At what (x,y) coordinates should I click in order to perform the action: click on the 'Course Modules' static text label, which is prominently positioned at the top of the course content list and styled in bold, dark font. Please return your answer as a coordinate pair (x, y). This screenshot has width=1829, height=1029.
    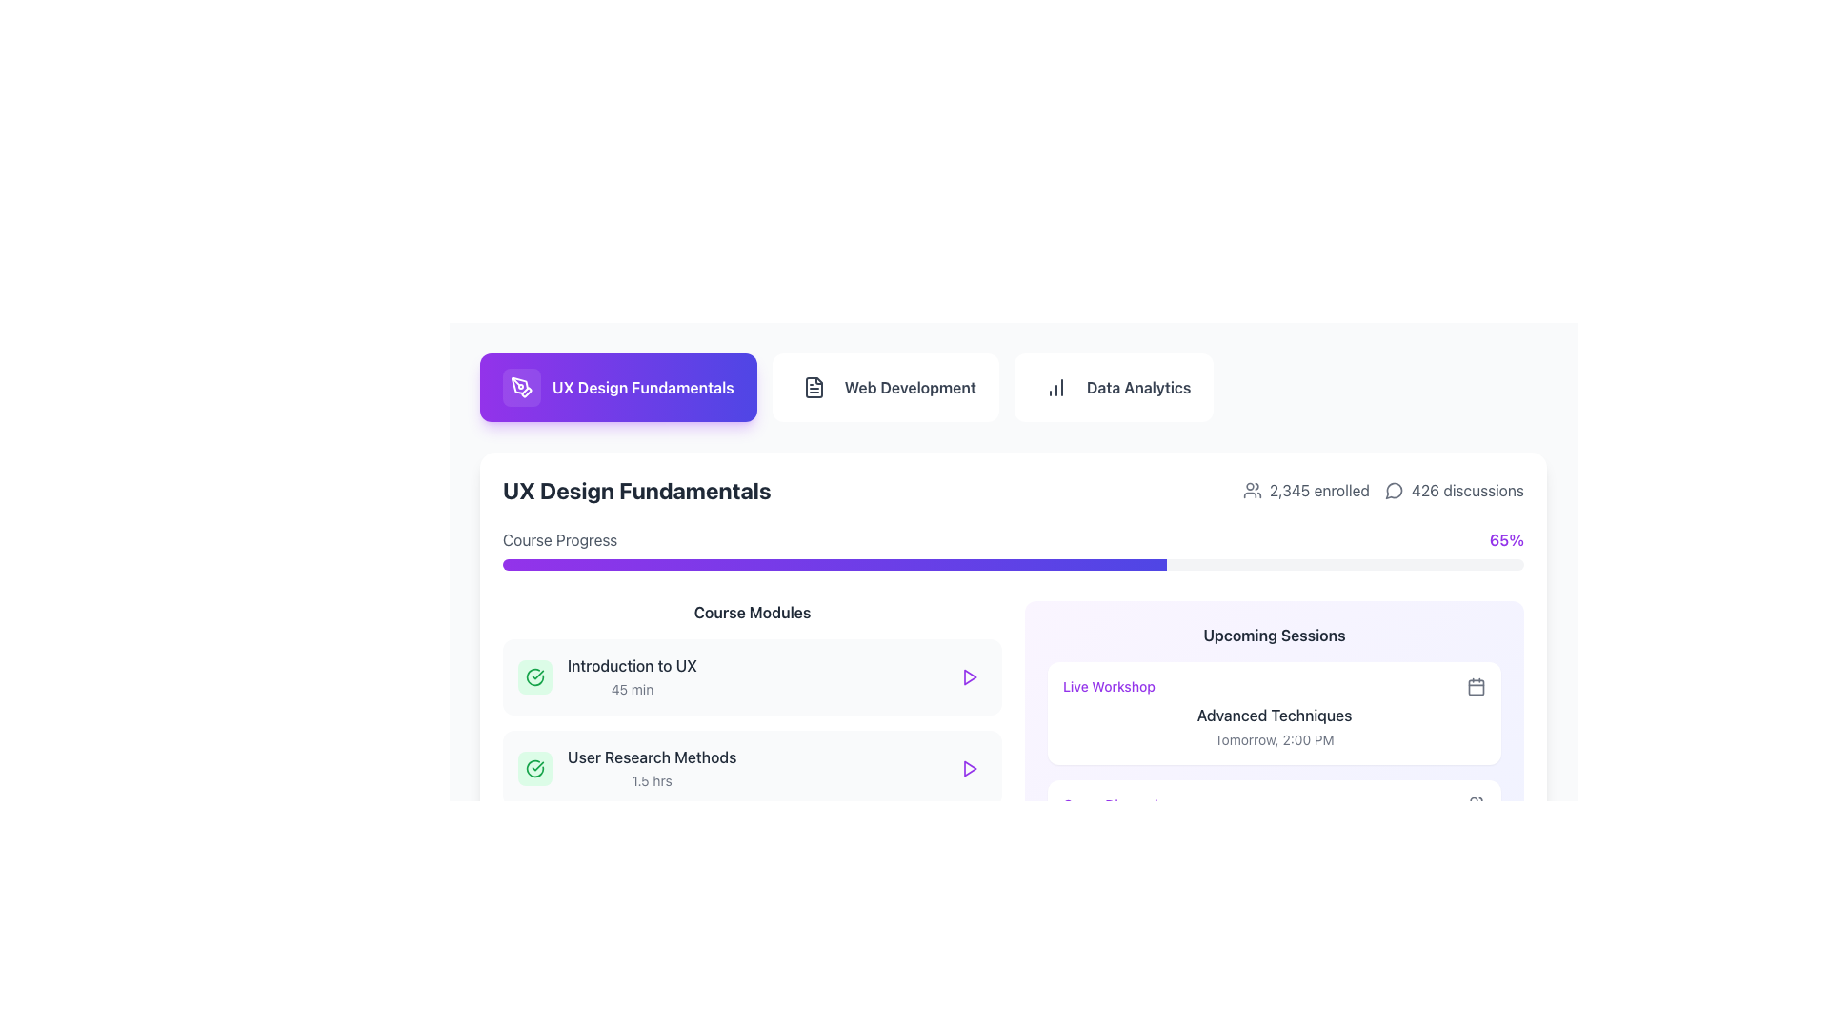
    Looking at the image, I should click on (752, 613).